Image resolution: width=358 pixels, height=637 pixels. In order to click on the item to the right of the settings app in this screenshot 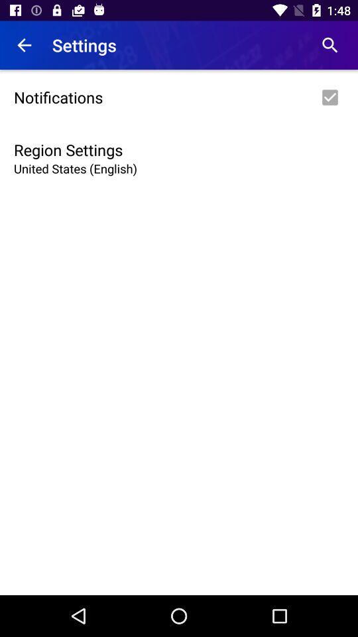, I will do `click(329, 45)`.